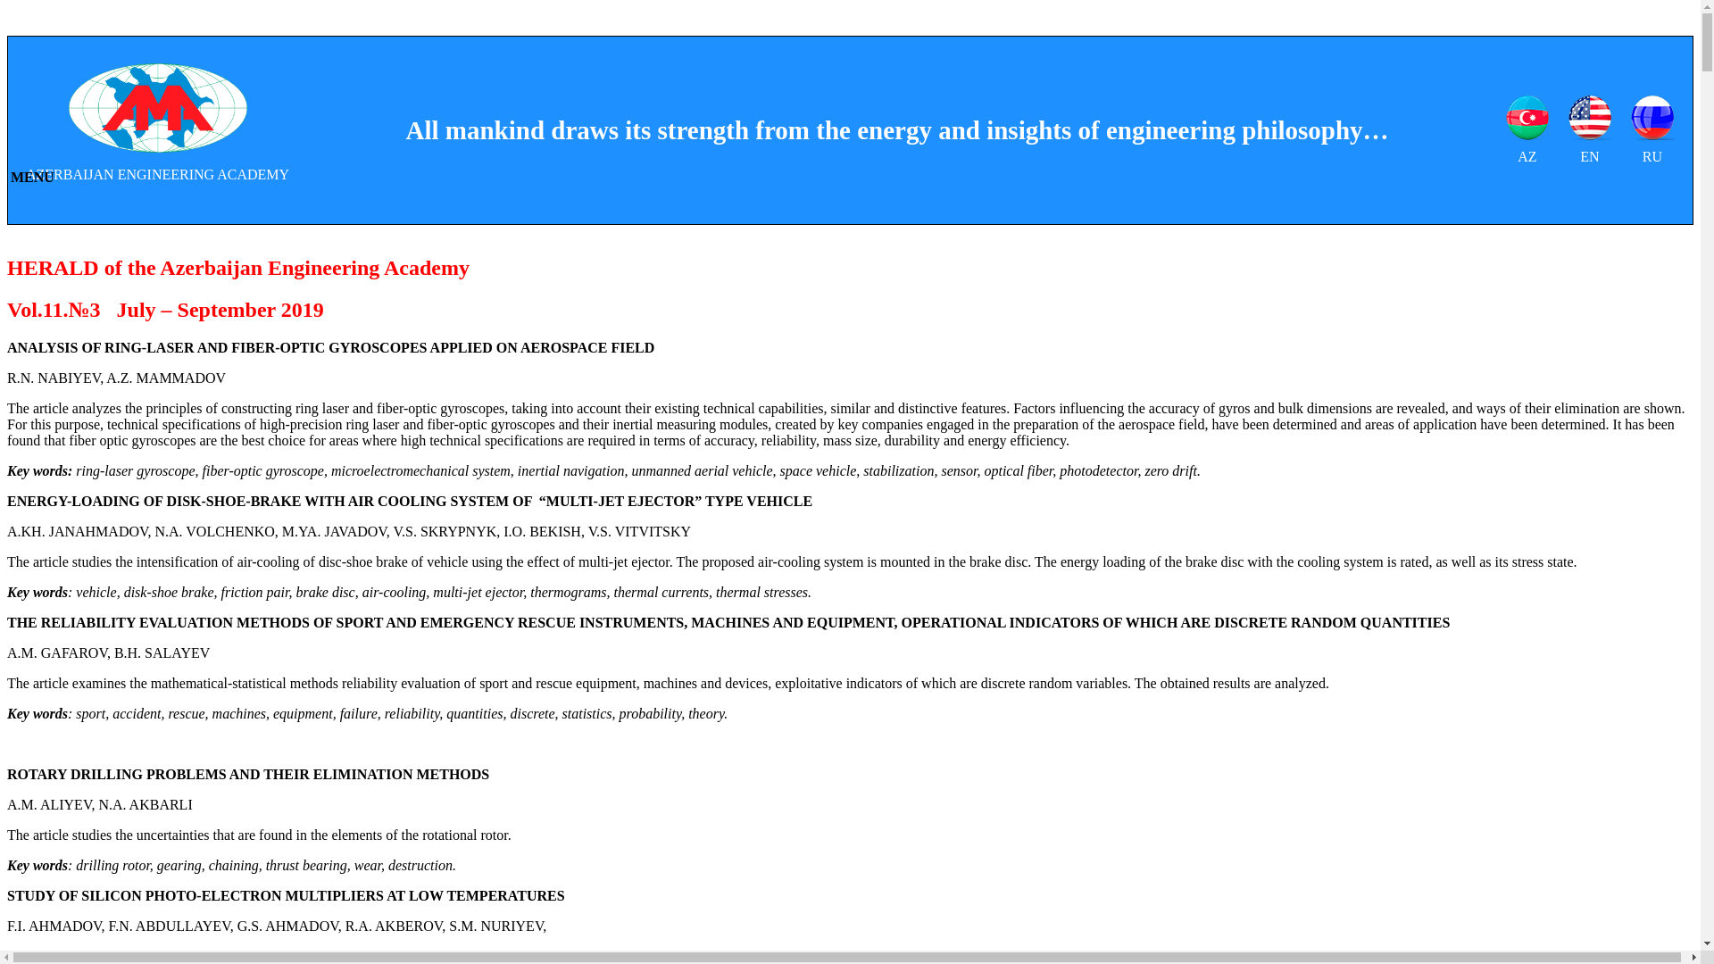 This screenshot has width=1714, height=964. Describe the element at coordinates (1526, 129) in the screenshot. I see `'AZ'` at that location.